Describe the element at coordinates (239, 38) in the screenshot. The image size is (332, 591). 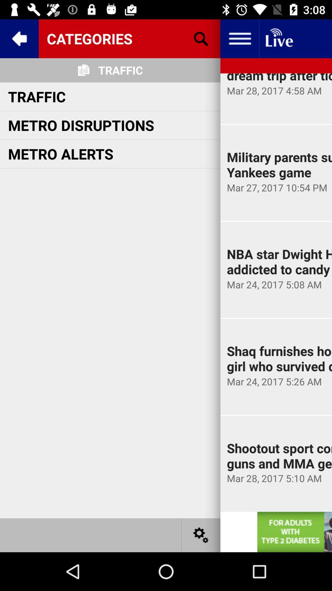
I see `the menu option` at that location.